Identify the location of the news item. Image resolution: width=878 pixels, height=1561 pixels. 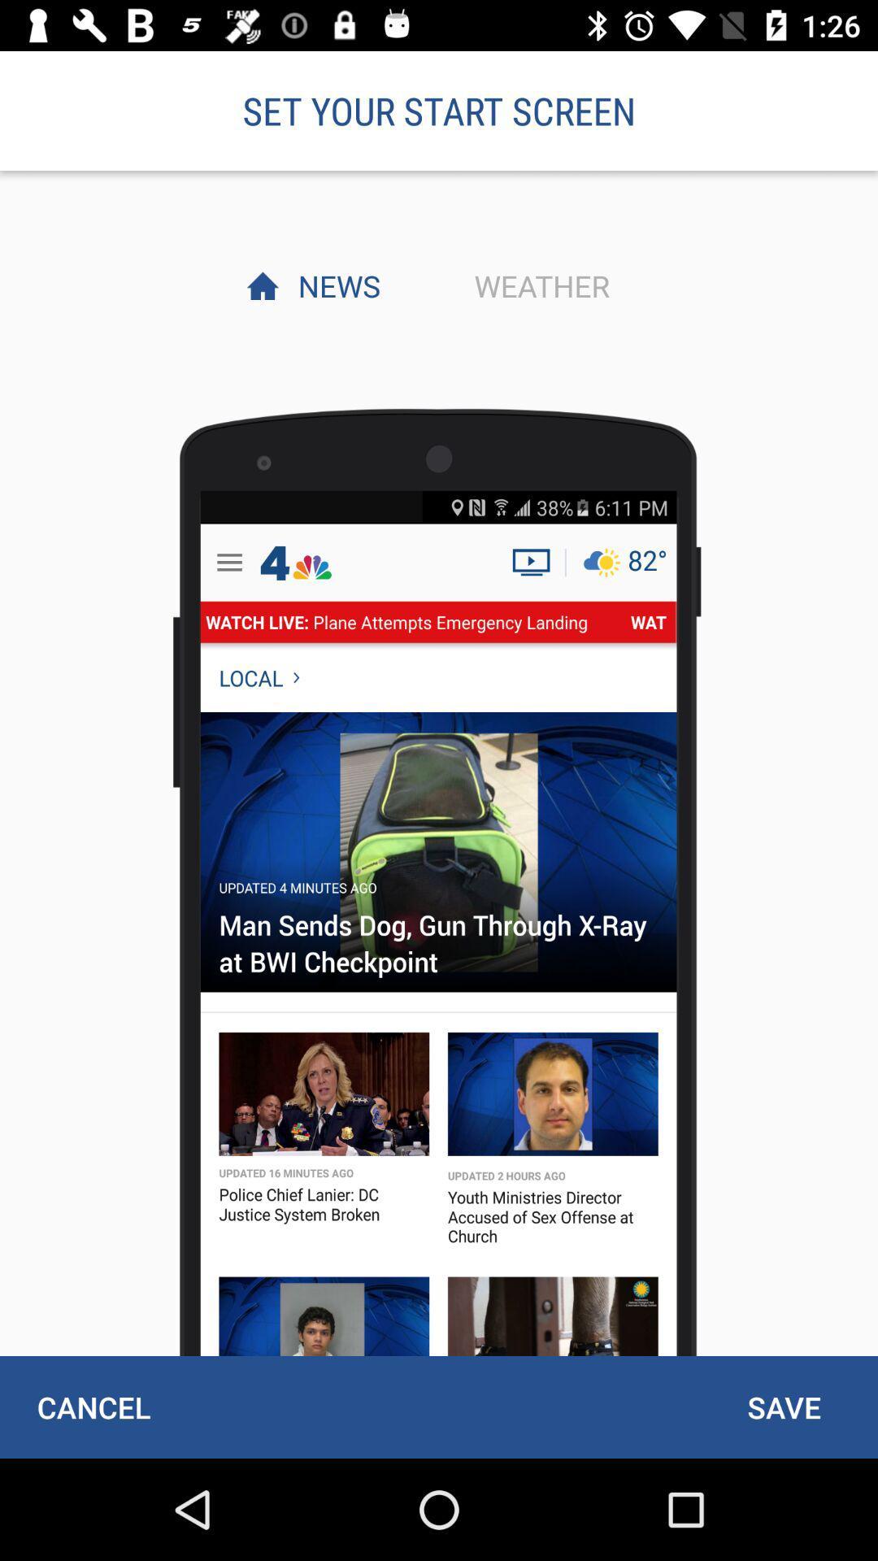
(334, 285).